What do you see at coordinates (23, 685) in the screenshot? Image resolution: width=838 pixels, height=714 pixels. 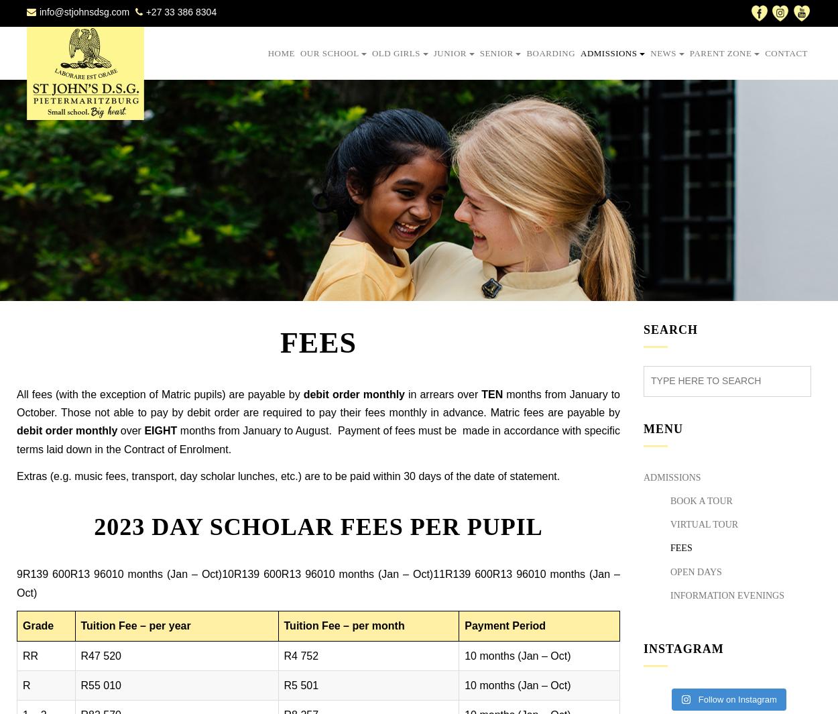 I see `'R'` at bounding box center [23, 685].